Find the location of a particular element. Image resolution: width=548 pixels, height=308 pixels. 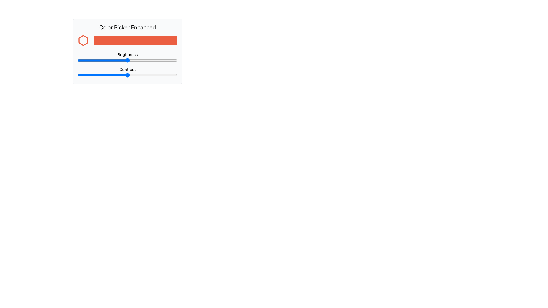

brightness is located at coordinates (123, 60).